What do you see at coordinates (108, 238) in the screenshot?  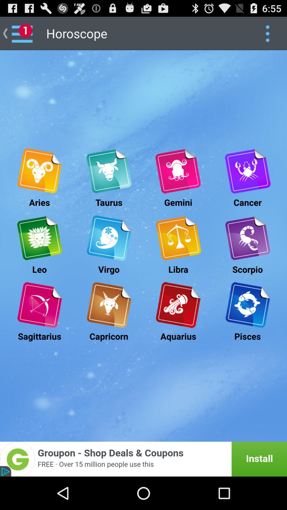 I see `read virgo horoscope` at bounding box center [108, 238].